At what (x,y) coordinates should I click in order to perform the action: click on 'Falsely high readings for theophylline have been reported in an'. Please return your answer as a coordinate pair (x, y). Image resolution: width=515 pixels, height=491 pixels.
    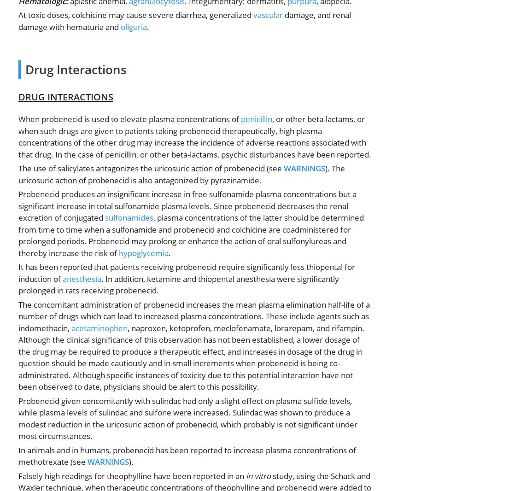
    Looking at the image, I should click on (131, 475).